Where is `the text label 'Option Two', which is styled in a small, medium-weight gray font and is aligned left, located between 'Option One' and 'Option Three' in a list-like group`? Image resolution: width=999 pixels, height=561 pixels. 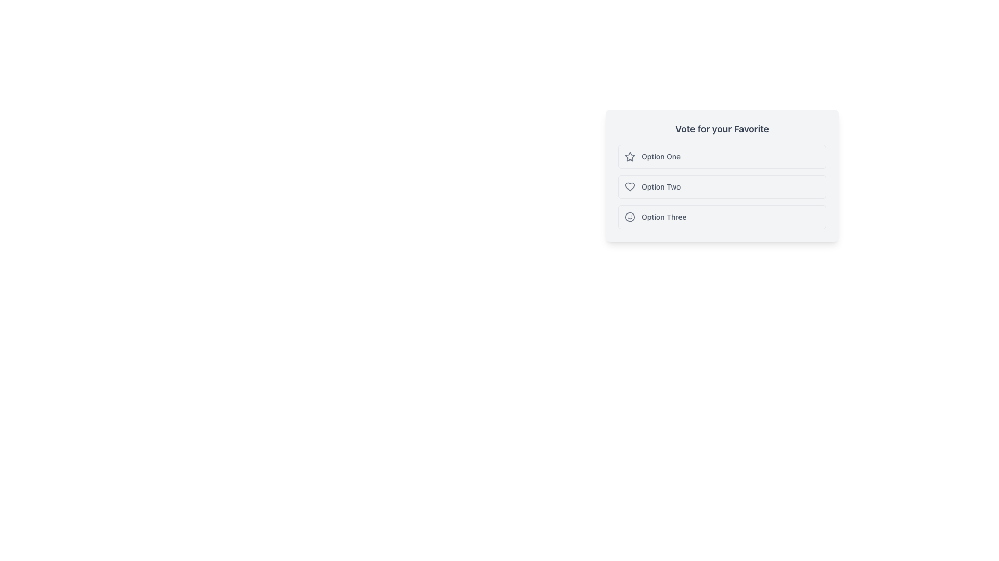
the text label 'Option Two', which is styled in a small, medium-weight gray font and is aligned left, located between 'Option One' and 'Option Three' in a list-like group is located at coordinates (660, 186).